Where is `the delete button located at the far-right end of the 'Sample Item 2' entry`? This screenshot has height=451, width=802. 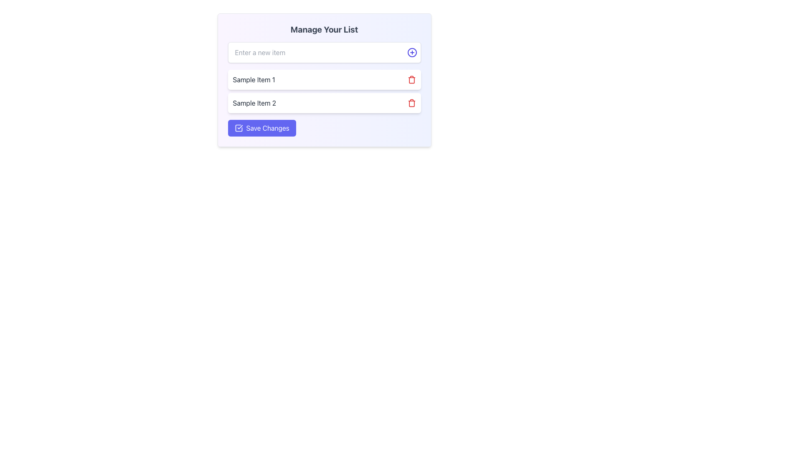 the delete button located at the far-right end of the 'Sample Item 2' entry is located at coordinates (411, 102).